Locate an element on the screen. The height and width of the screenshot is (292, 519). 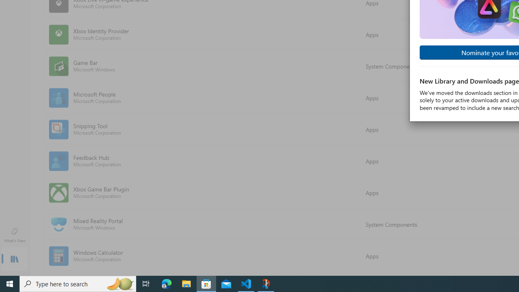
'What' is located at coordinates (14, 234).